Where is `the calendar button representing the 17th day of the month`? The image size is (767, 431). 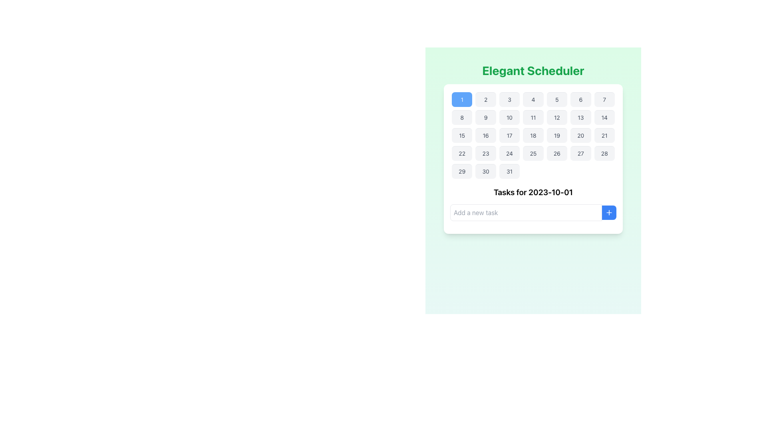 the calendar button representing the 17th day of the month is located at coordinates (509, 135).